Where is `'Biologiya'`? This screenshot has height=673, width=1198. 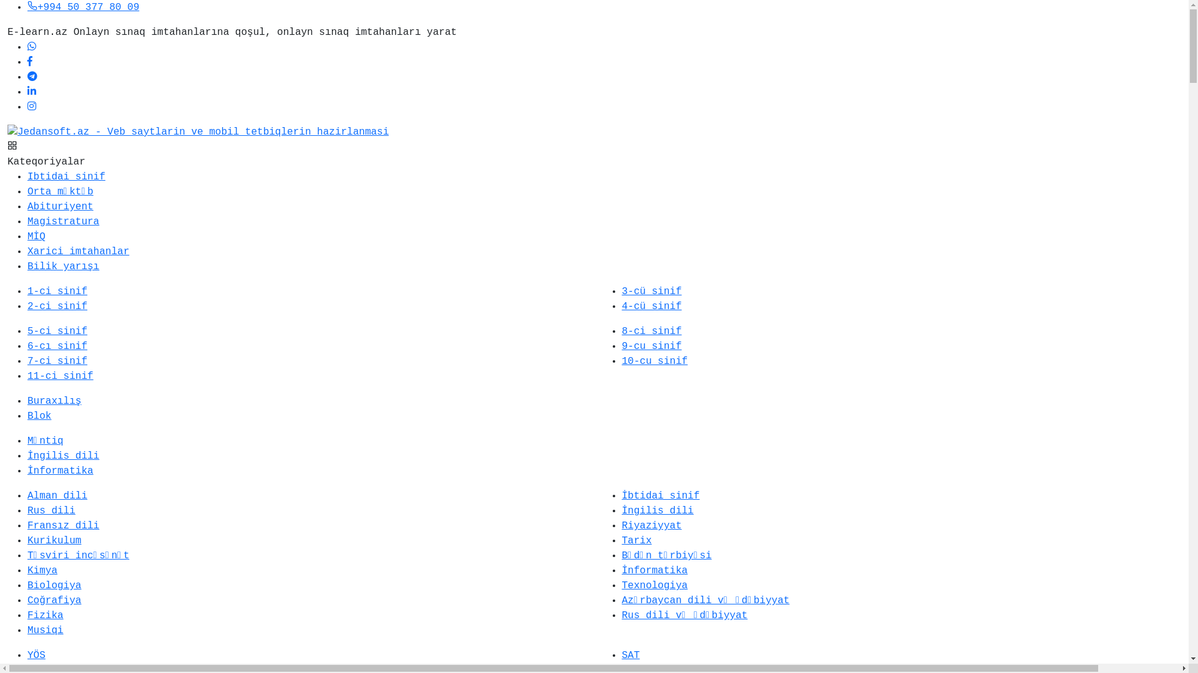 'Biologiya' is located at coordinates (53, 586).